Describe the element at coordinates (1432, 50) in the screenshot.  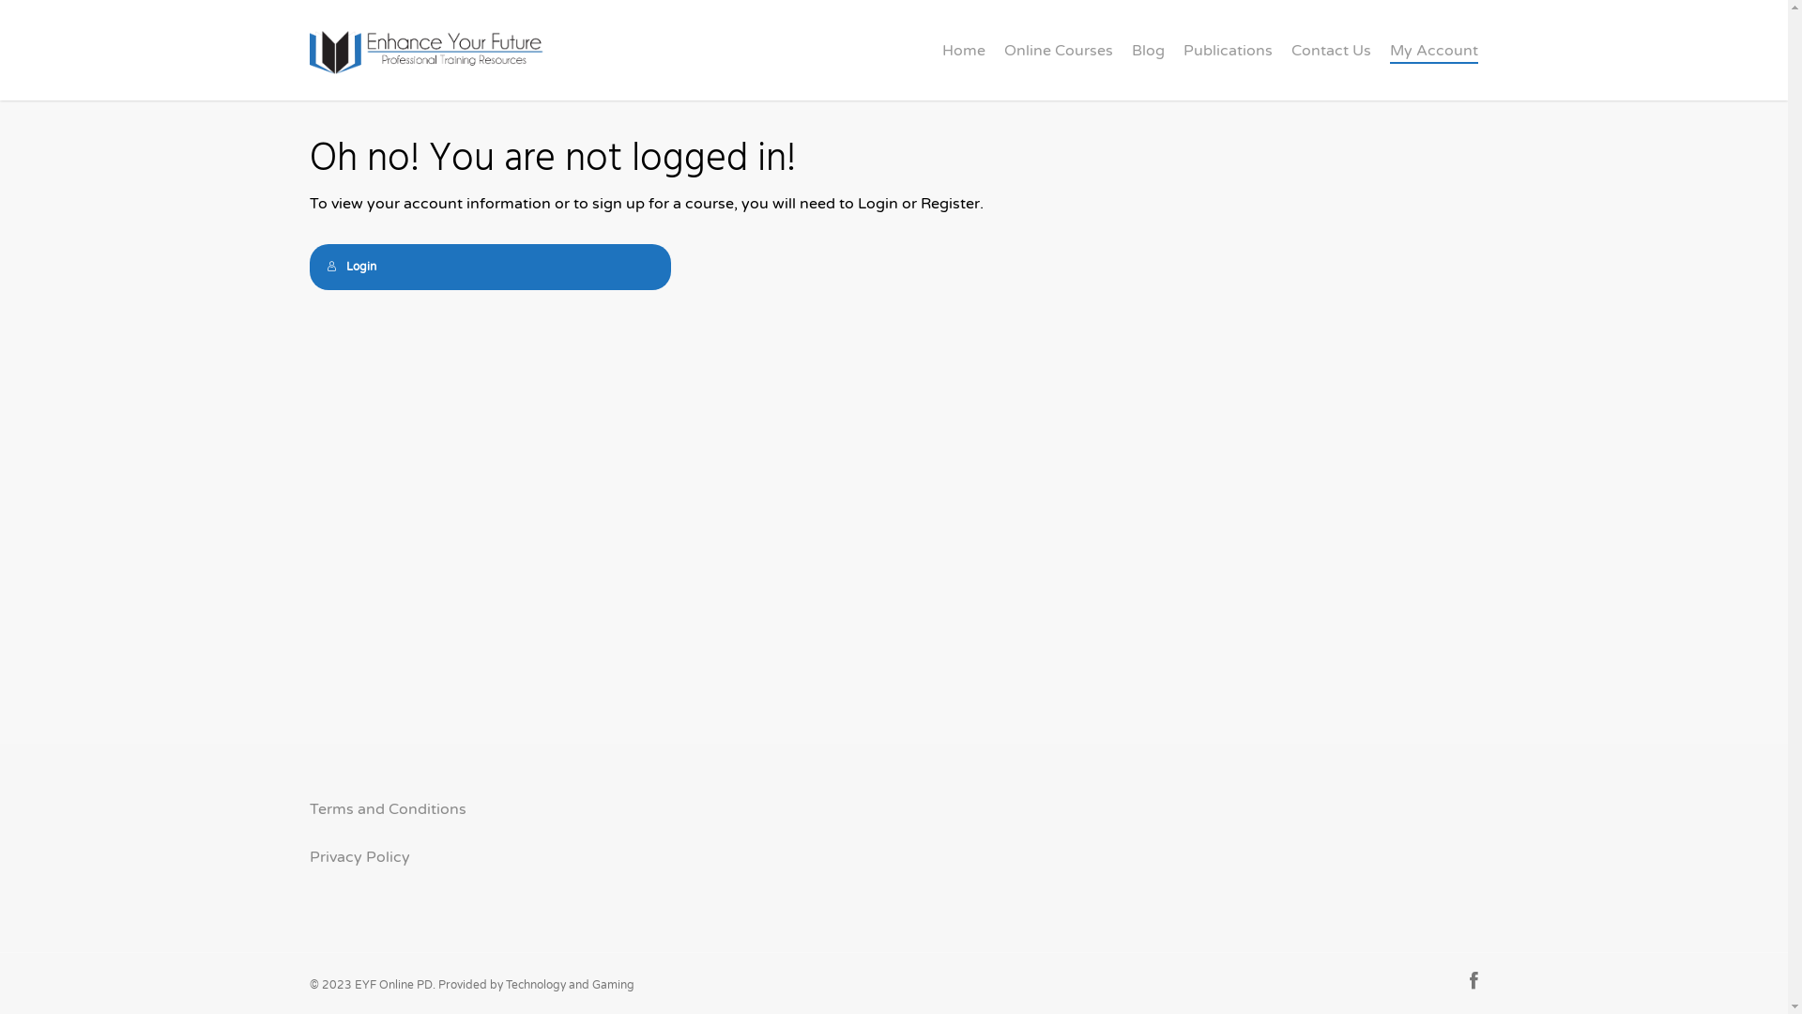
I see `'My Account'` at that location.